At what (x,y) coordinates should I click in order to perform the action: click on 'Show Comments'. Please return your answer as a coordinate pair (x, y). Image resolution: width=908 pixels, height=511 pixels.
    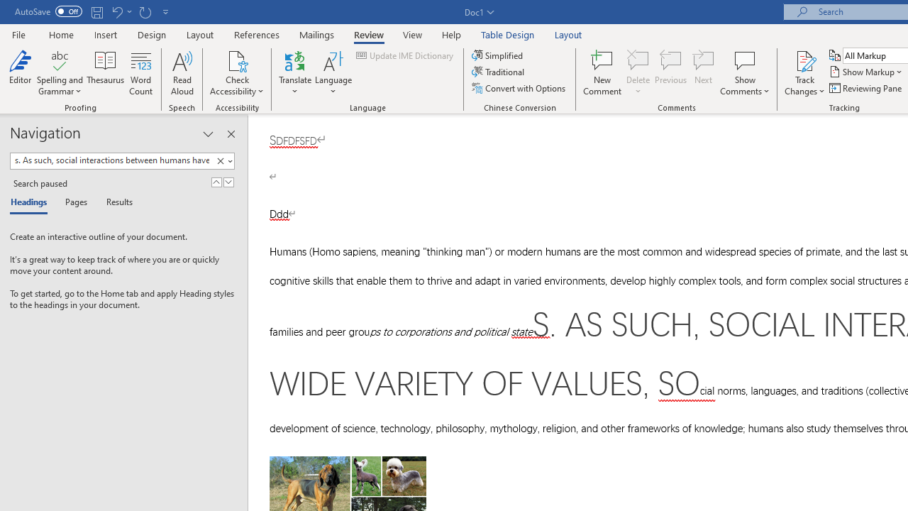
    Looking at the image, I should click on (744, 73).